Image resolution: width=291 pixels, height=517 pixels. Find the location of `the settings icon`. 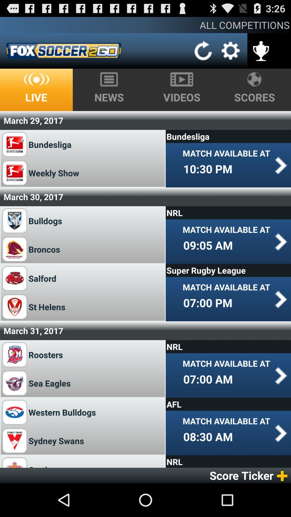

the settings icon is located at coordinates (230, 54).